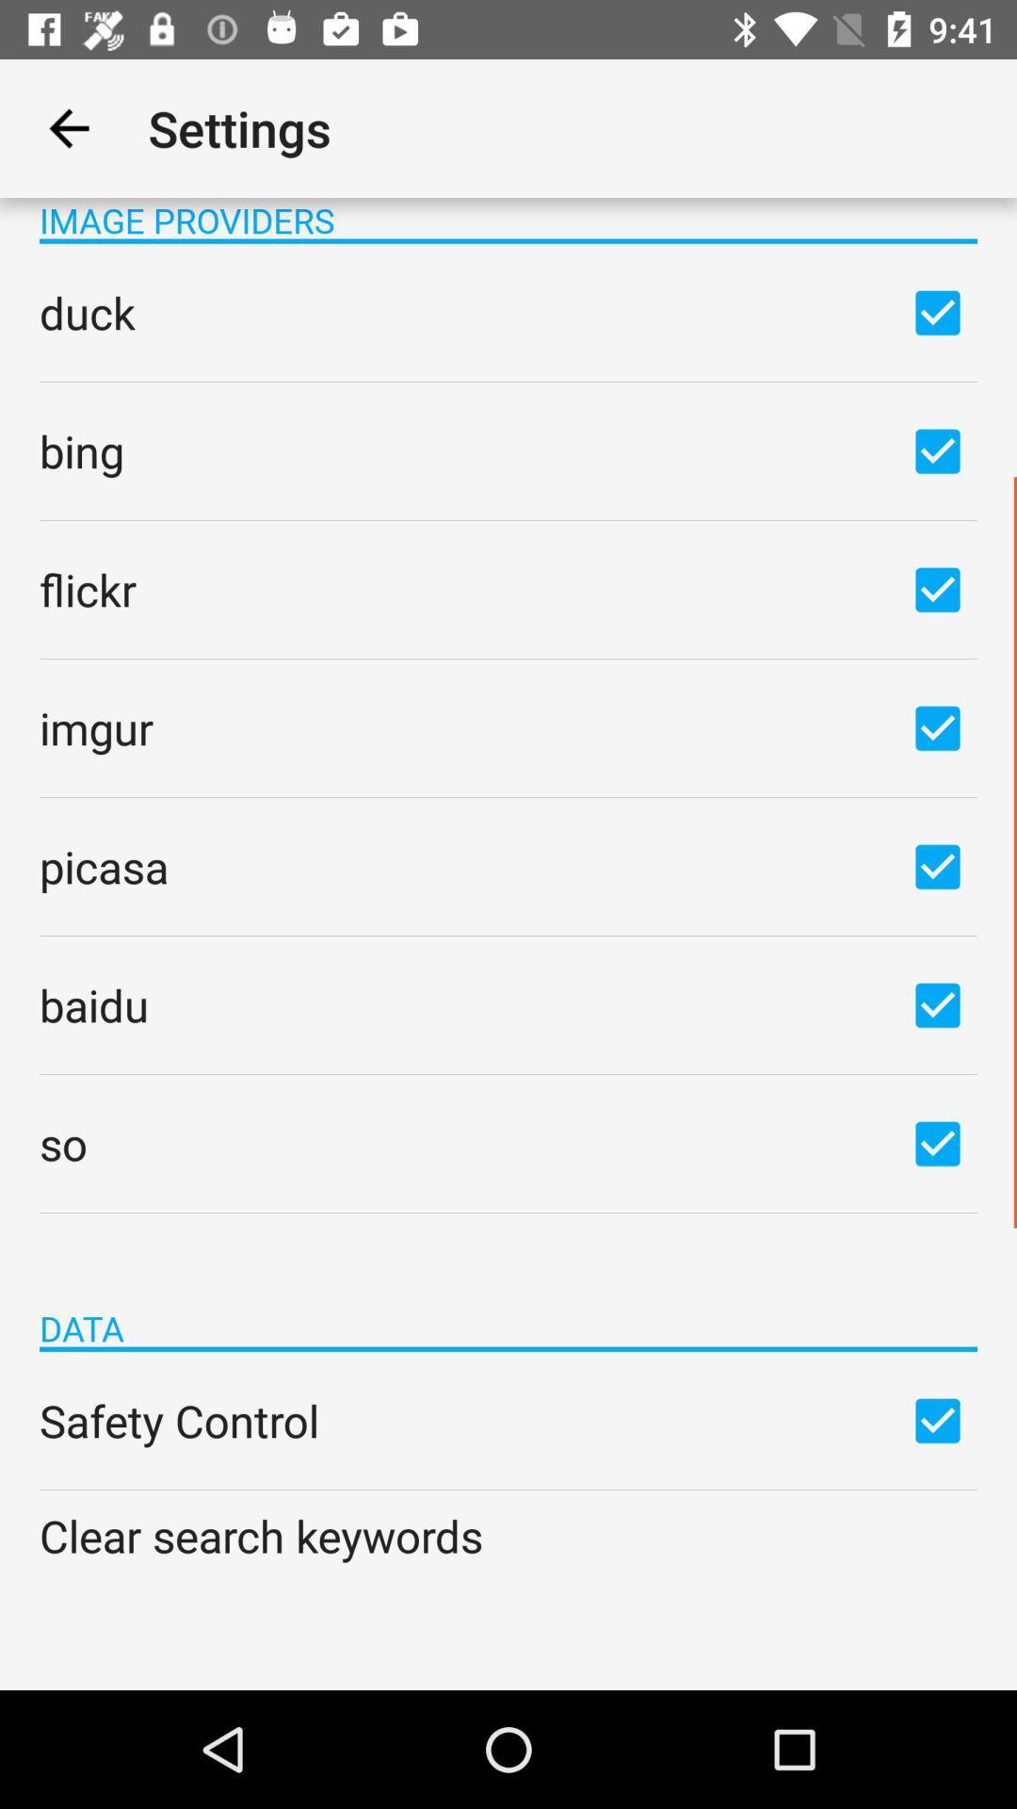 The image size is (1017, 1809). Describe the element at coordinates (937, 588) in the screenshot. I see `flickr` at that location.